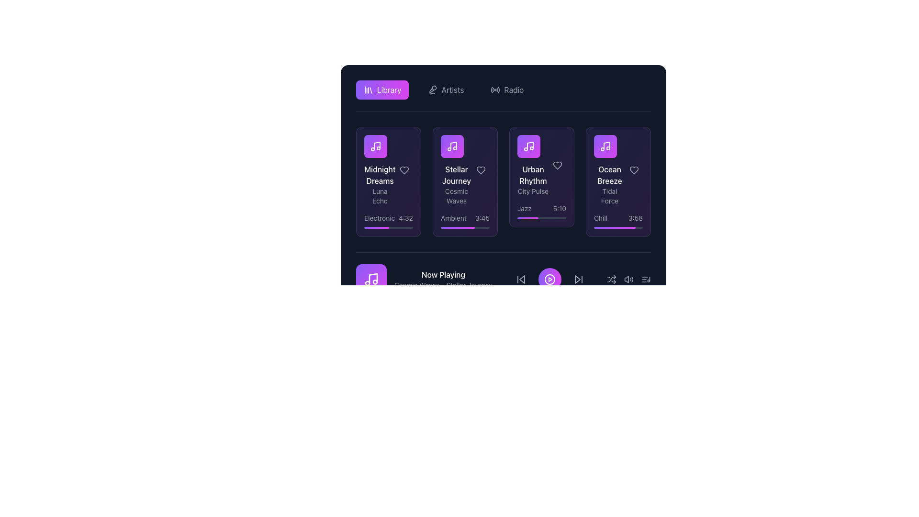  Describe the element at coordinates (629, 279) in the screenshot. I see `the volume control button located in the bottom-right corner of the page to change its color` at that location.